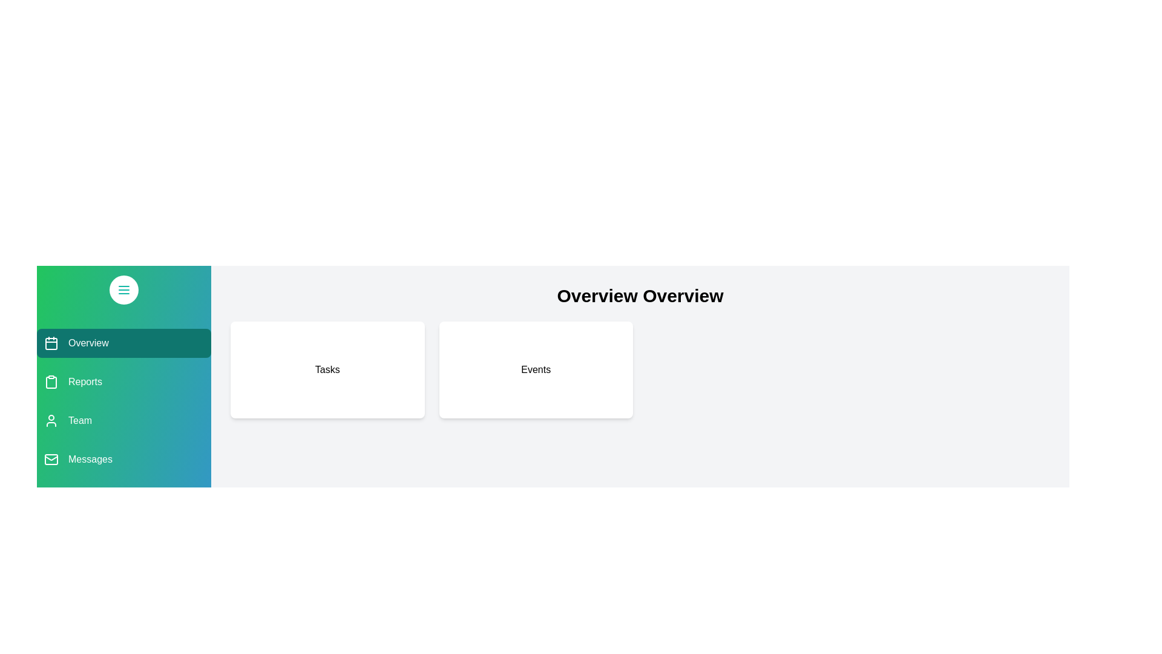  What do you see at coordinates (124, 420) in the screenshot?
I see `the navigation section Team` at bounding box center [124, 420].